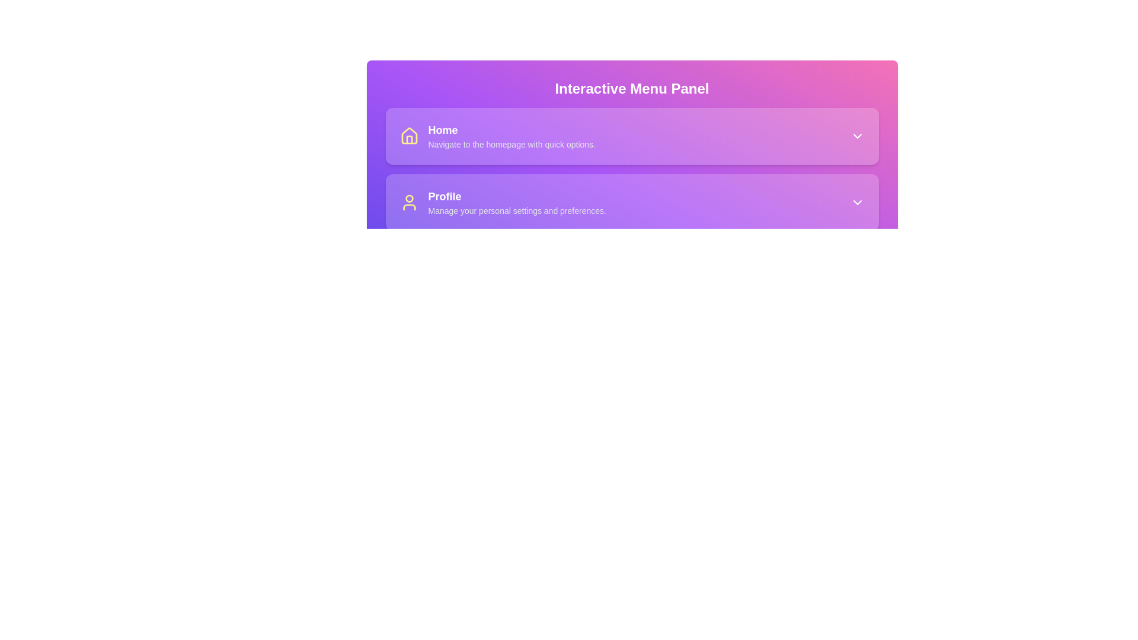 The height and width of the screenshot is (640, 1138). Describe the element at coordinates (631, 202) in the screenshot. I see `the second clickable menu option in the Interactive Menu Panel that leads to the 'Profile' section, which is located between the 'Home' and 'Notifications' options` at that location.